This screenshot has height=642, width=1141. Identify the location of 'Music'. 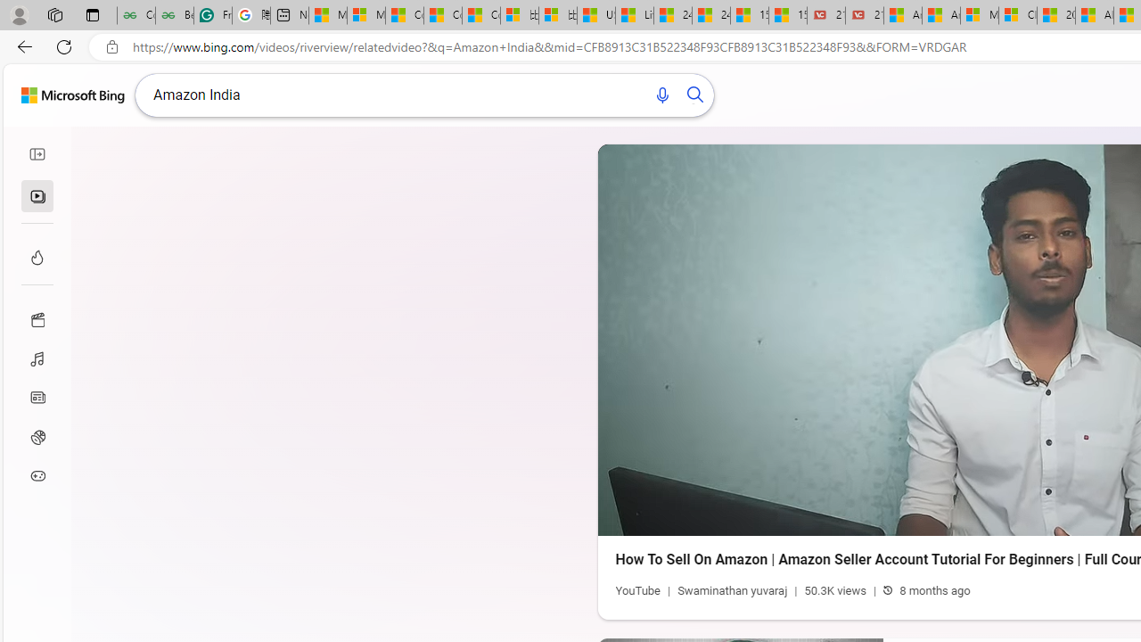
(37, 358).